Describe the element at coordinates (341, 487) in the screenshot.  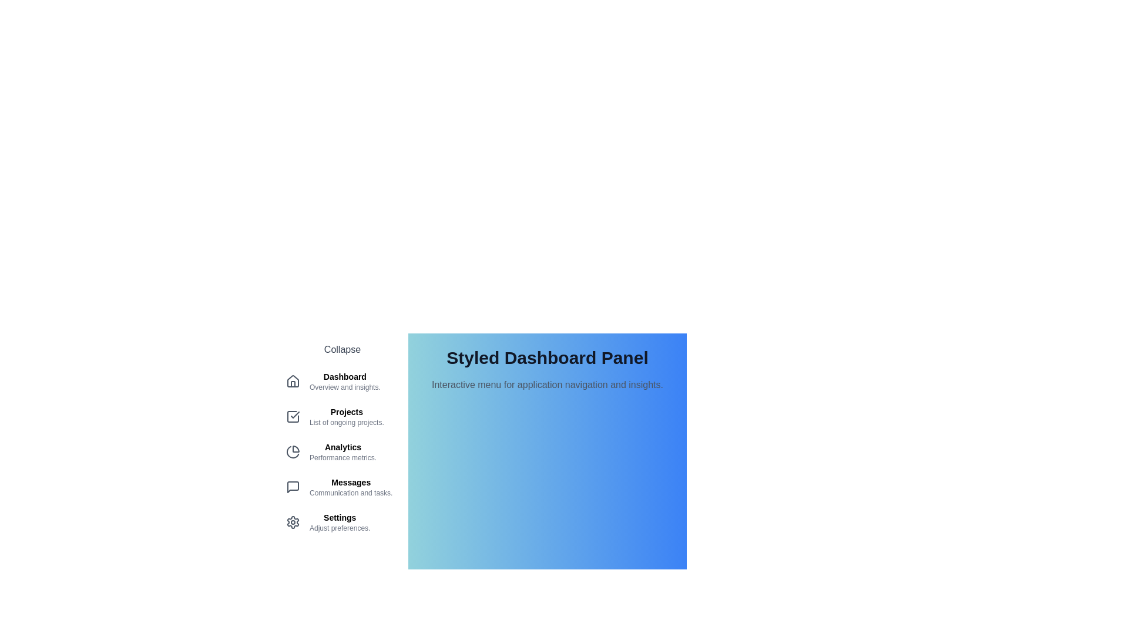
I see `the menu item Messages from the menu` at that location.